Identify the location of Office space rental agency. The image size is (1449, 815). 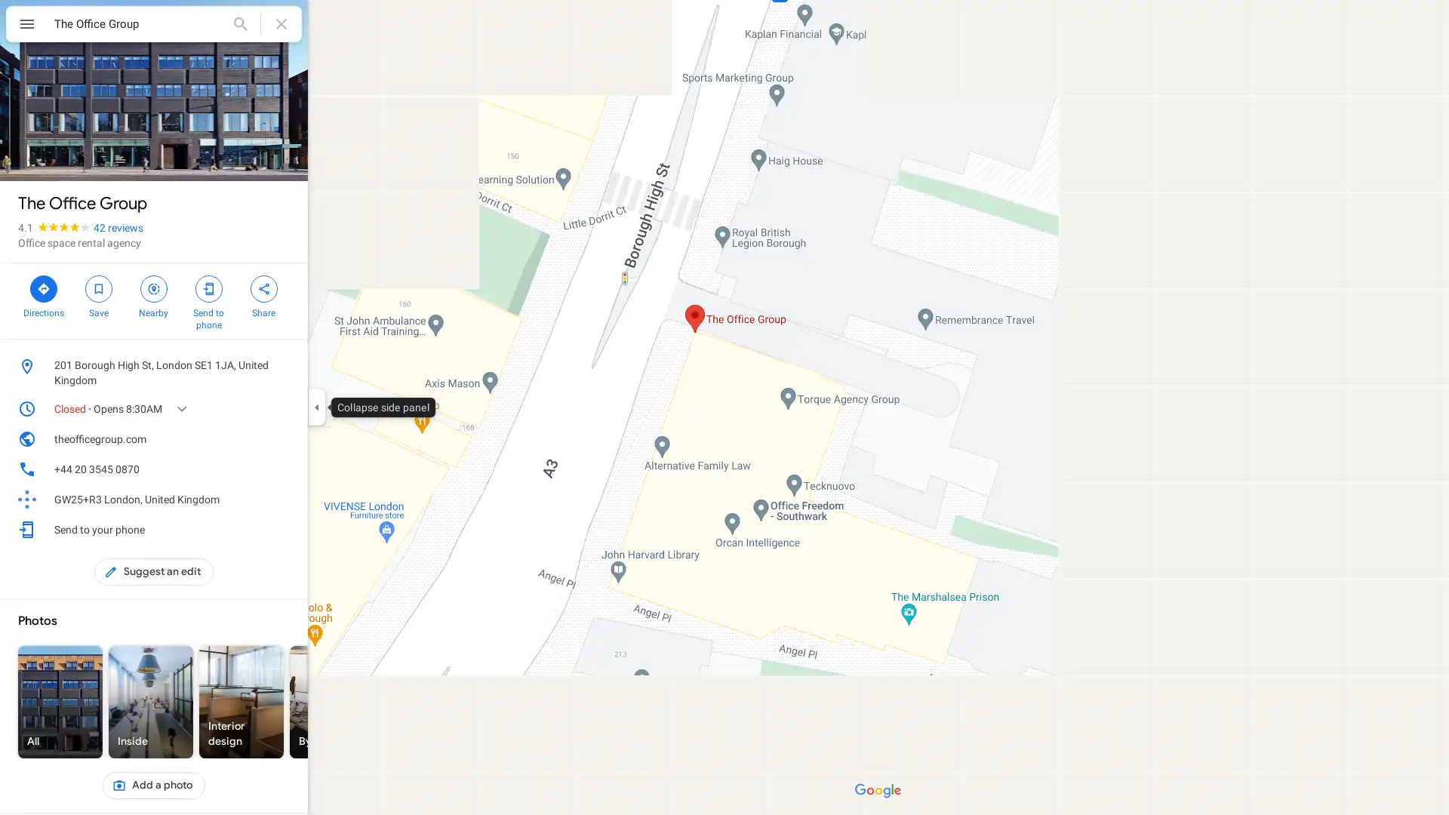
(78, 241).